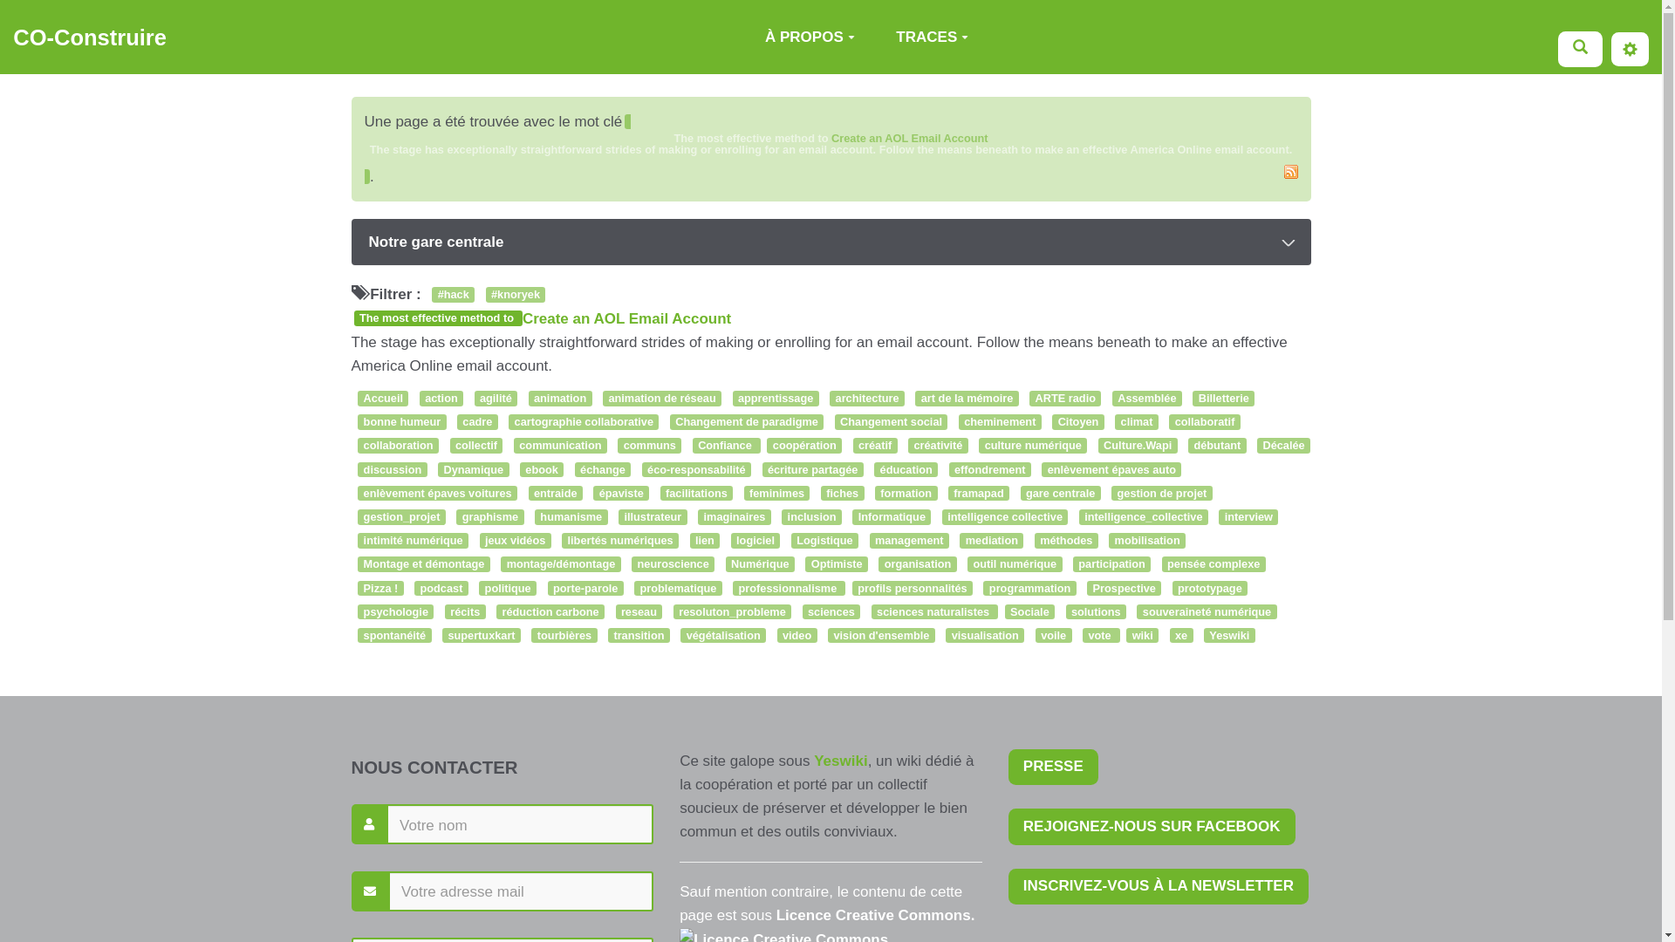 This screenshot has width=1675, height=942. What do you see at coordinates (391, 469) in the screenshot?
I see `'discussion'` at bounding box center [391, 469].